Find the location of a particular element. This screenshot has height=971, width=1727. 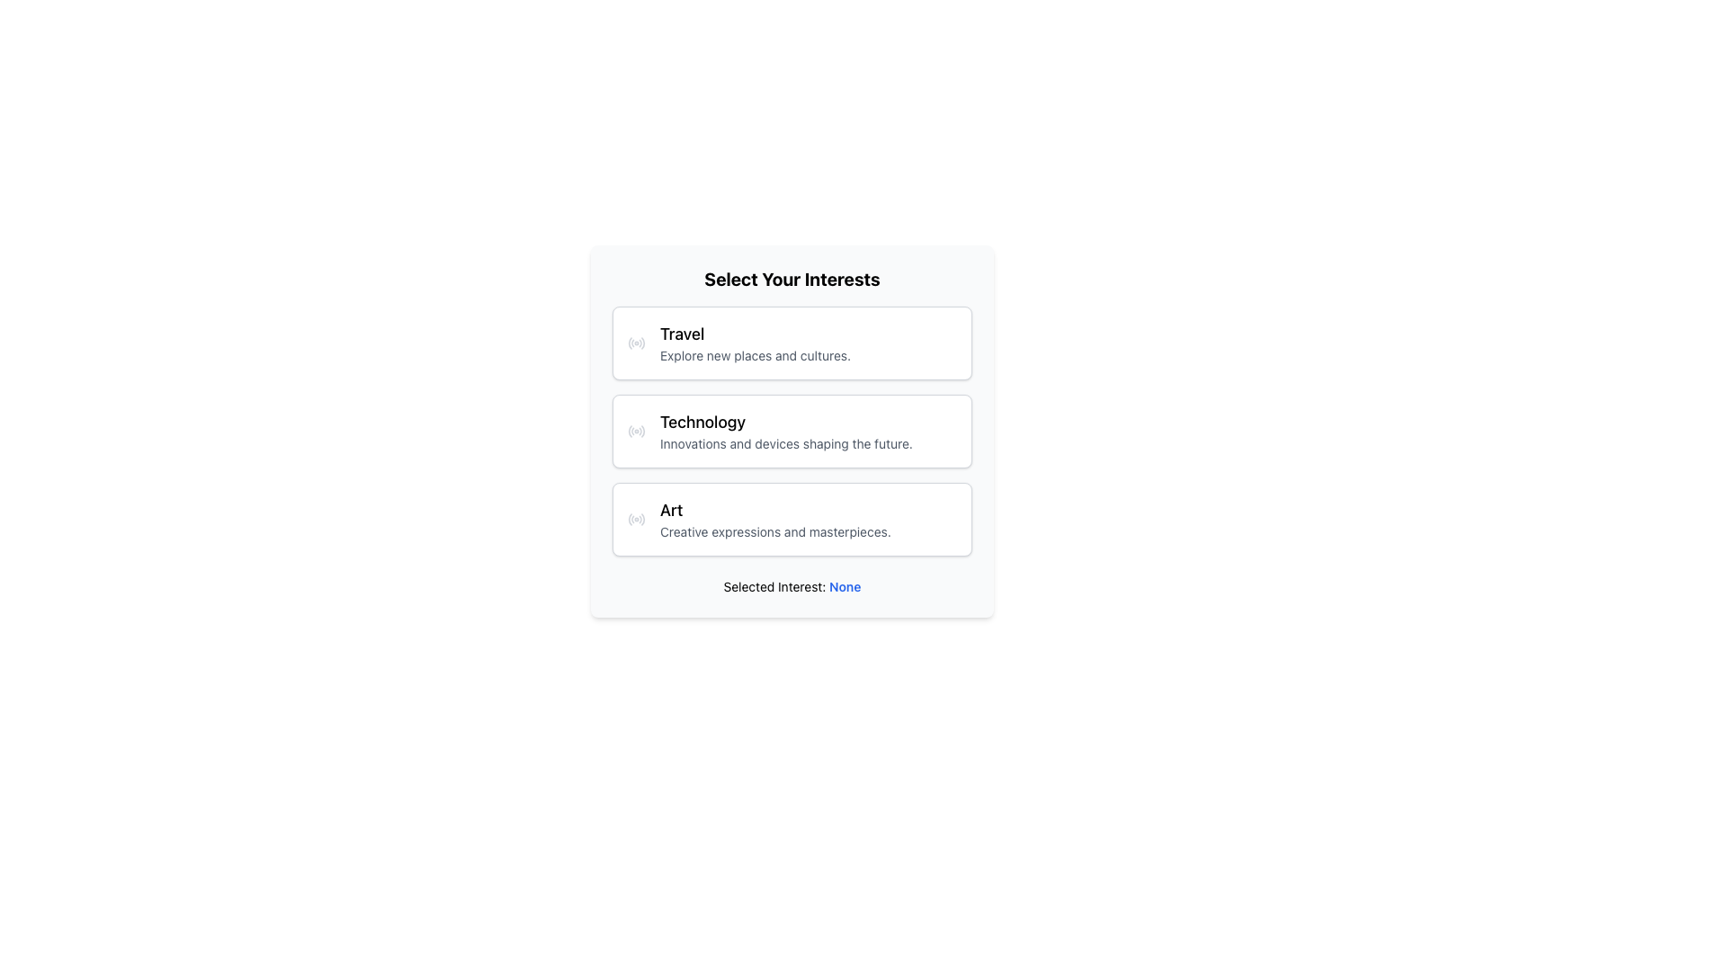

bold, blue-colored text 'None' within the sentence 'Selected Interest: None' at the center-bottom of the interface is located at coordinates (844, 586).